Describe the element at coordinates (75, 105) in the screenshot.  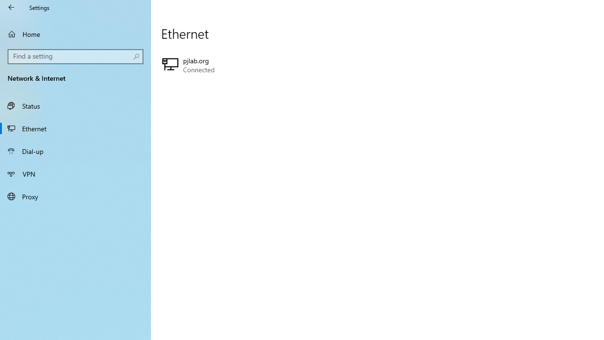
I see `'Status'` at that location.